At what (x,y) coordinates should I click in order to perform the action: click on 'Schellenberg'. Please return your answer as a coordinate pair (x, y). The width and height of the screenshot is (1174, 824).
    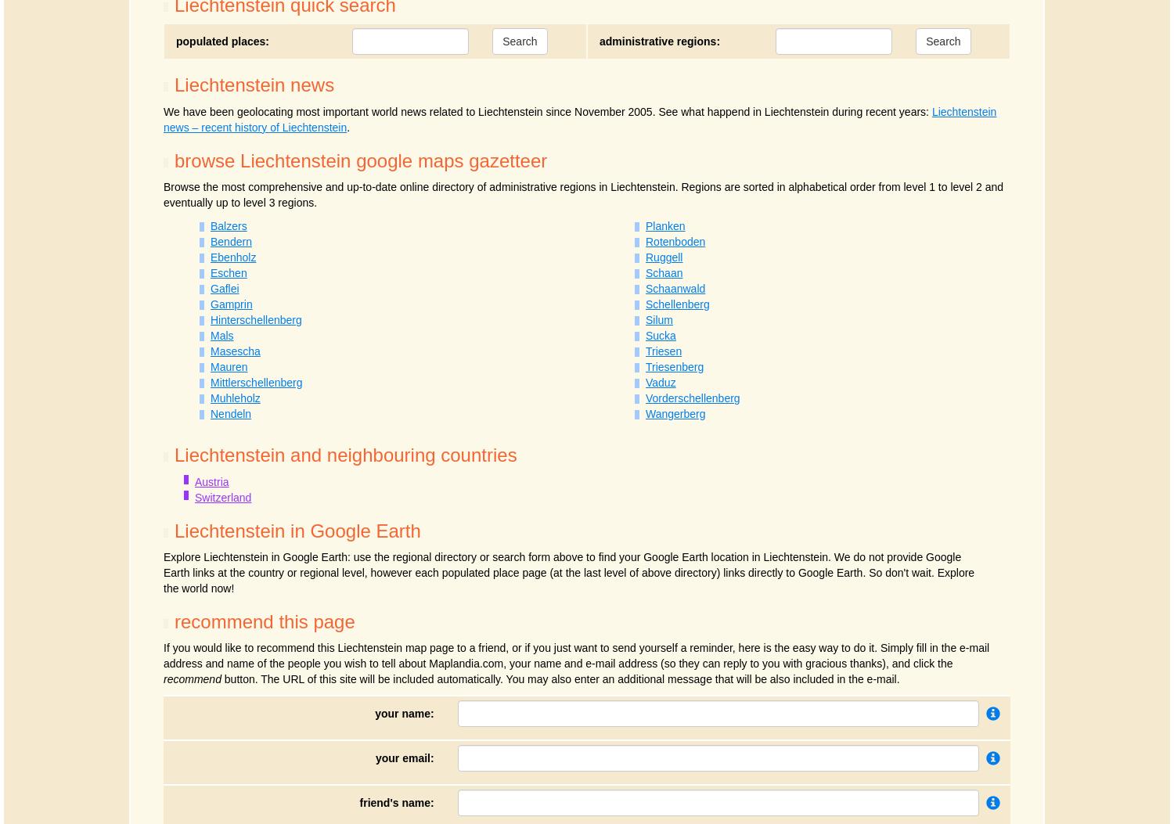
    Looking at the image, I should click on (676, 304).